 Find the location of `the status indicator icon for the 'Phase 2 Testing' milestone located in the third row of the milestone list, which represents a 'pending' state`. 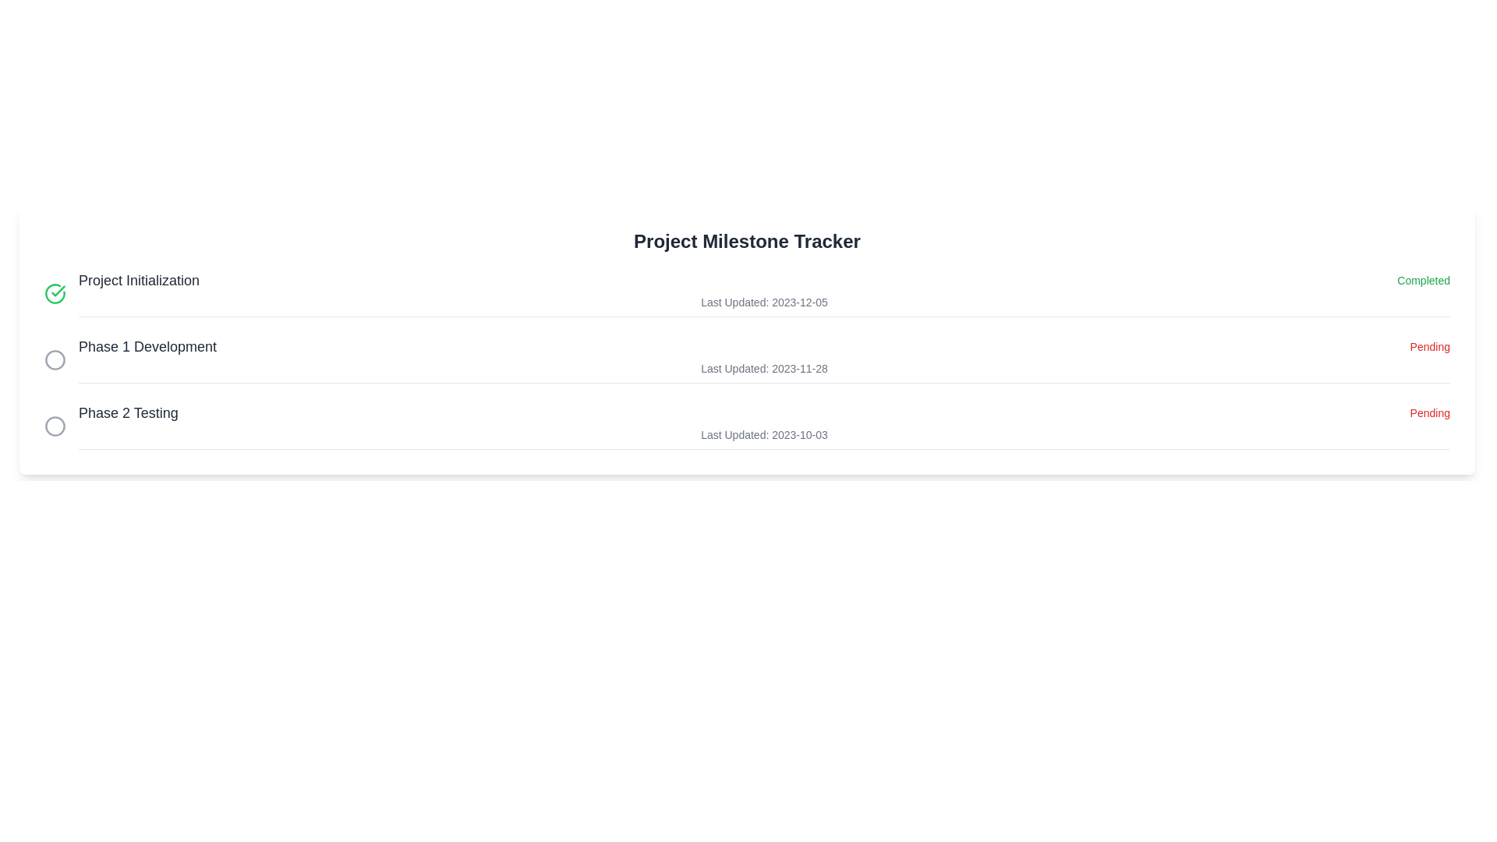

the status indicator icon for the 'Phase 2 Testing' milestone located in the third row of the milestone list, which represents a 'pending' state is located at coordinates (55, 426).